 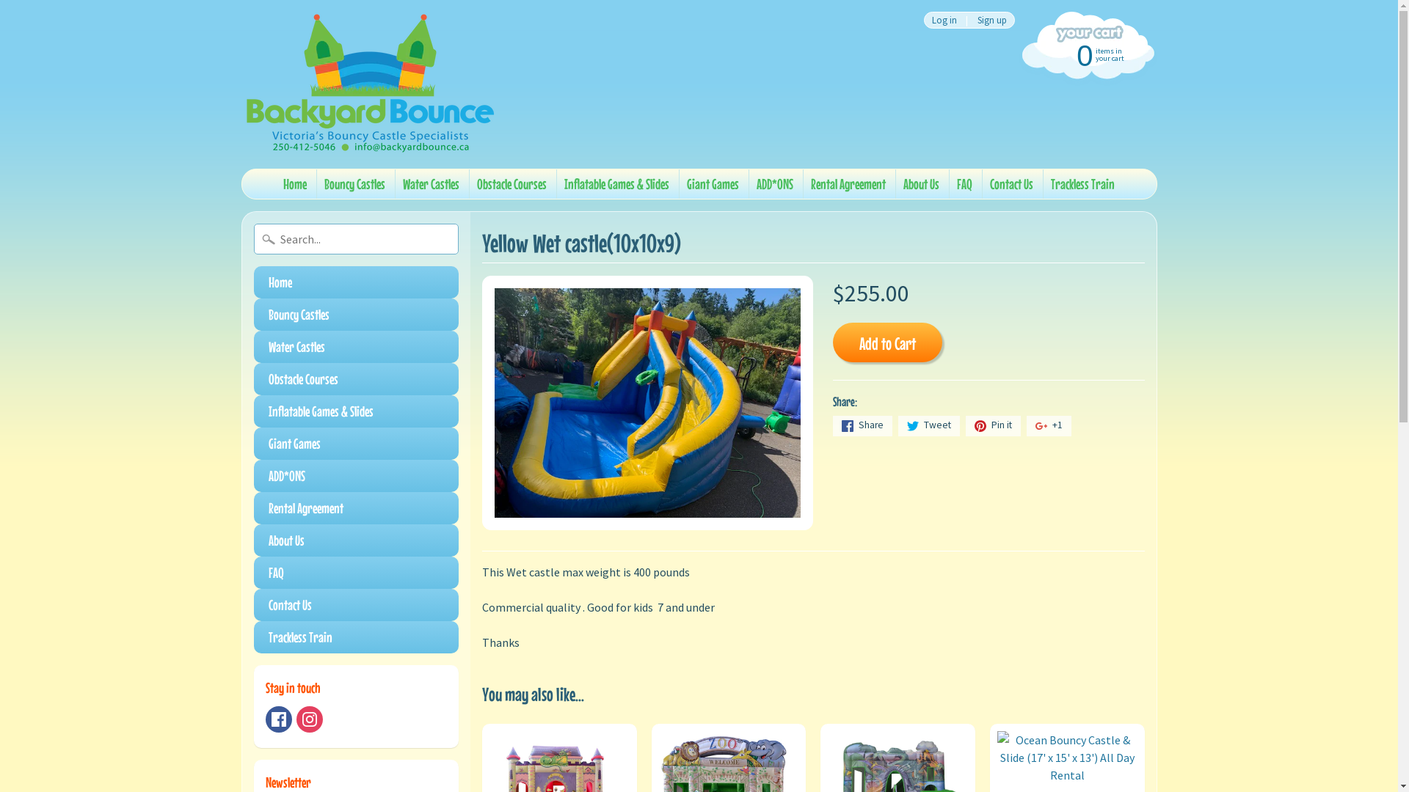 I want to click on 'Inflatable Games & Slides', so click(x=356, y=411).